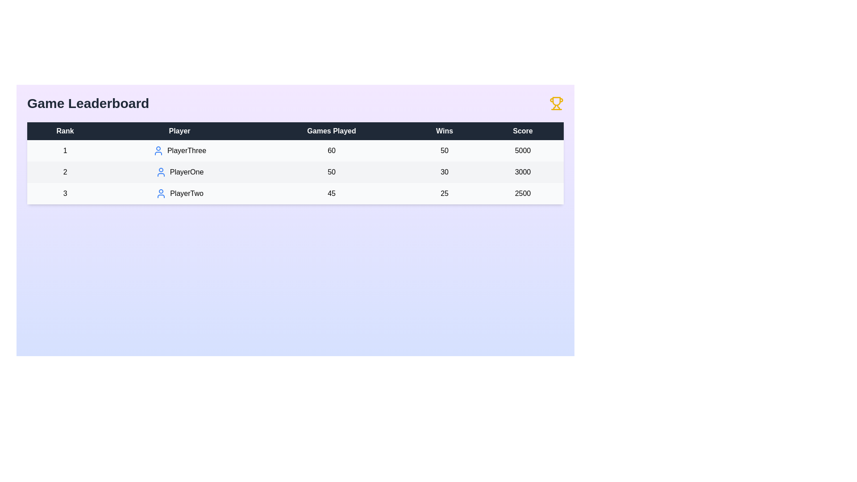  I want to click on displayed text of the label with the user icon for 'PlayerTwo' located in the third row of the 'Player' column in the leaderboard table, so click(179, 193).